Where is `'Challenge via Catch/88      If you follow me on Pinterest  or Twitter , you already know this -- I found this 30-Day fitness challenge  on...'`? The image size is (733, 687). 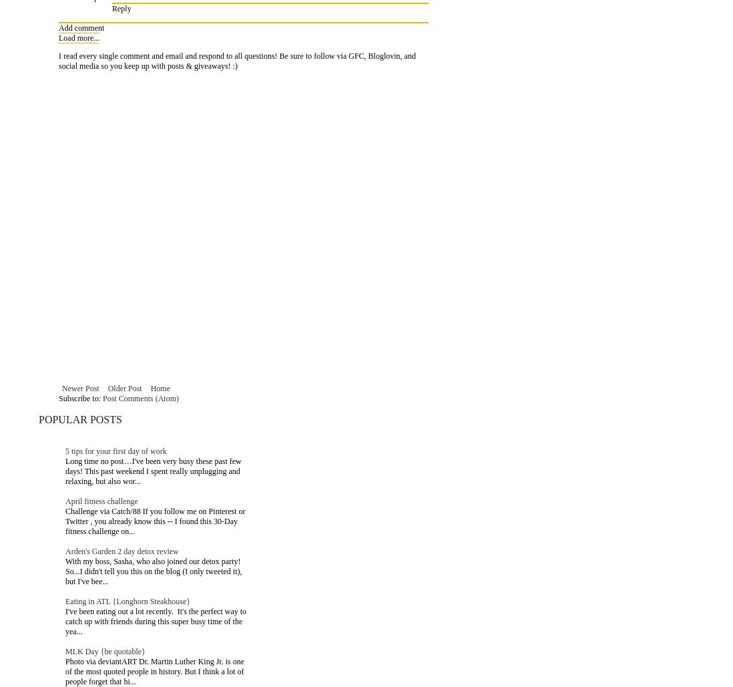
'Challenge via Catch/88      If you follow me on Pinterest  or Twitter , you already know this -- I found this 30-Day fitness challenge  on...' is located at coordinates (154, 521).